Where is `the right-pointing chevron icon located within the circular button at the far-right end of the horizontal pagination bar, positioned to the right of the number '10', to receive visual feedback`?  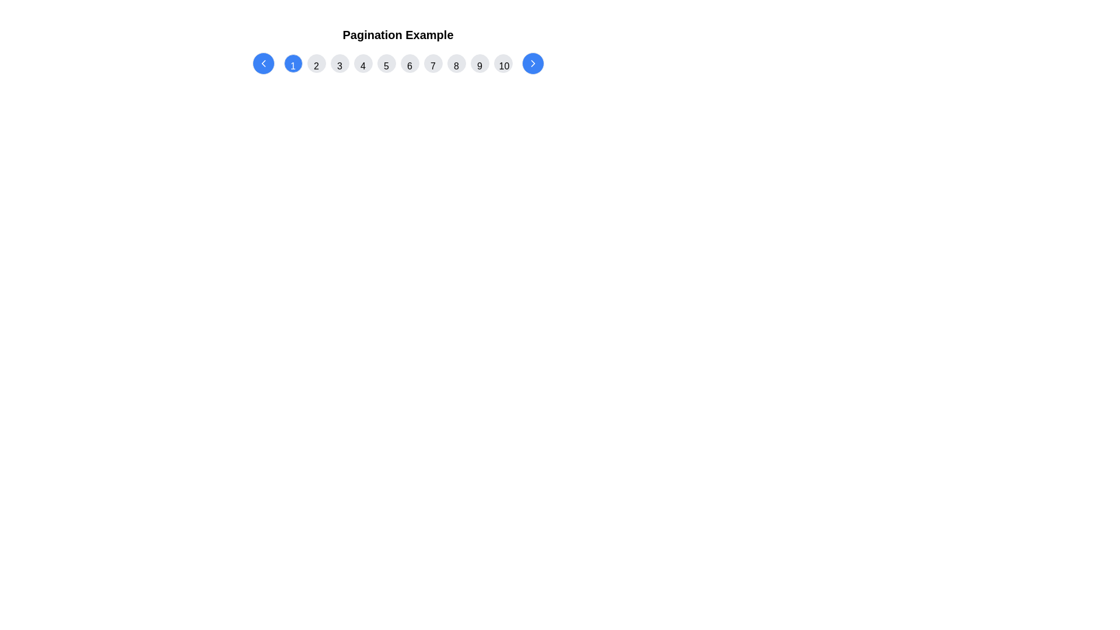
the right-pointing chevron icon located within the circular button at the far-right end of the horizontal pagination bar, positioned to the right of the number '10', to receive visual feedback is located at coordinates (532, 63).